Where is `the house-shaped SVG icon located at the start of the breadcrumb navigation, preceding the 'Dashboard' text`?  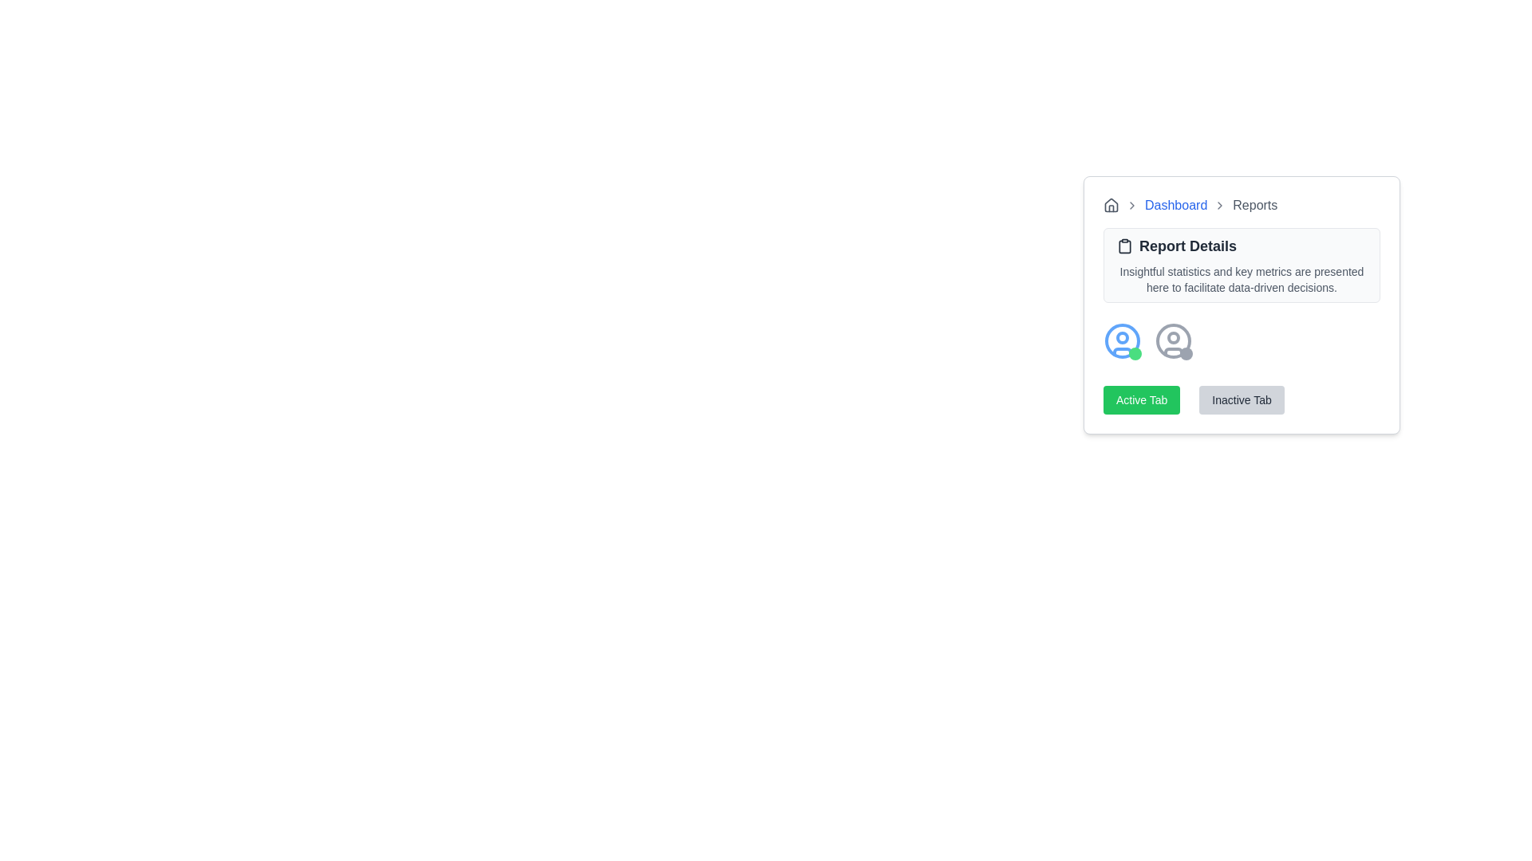
the house-shaped SVG icon located at the start of the breadcrumb navigation, preceding the 'Dashboard' text is located at coordinates (1110, 205).